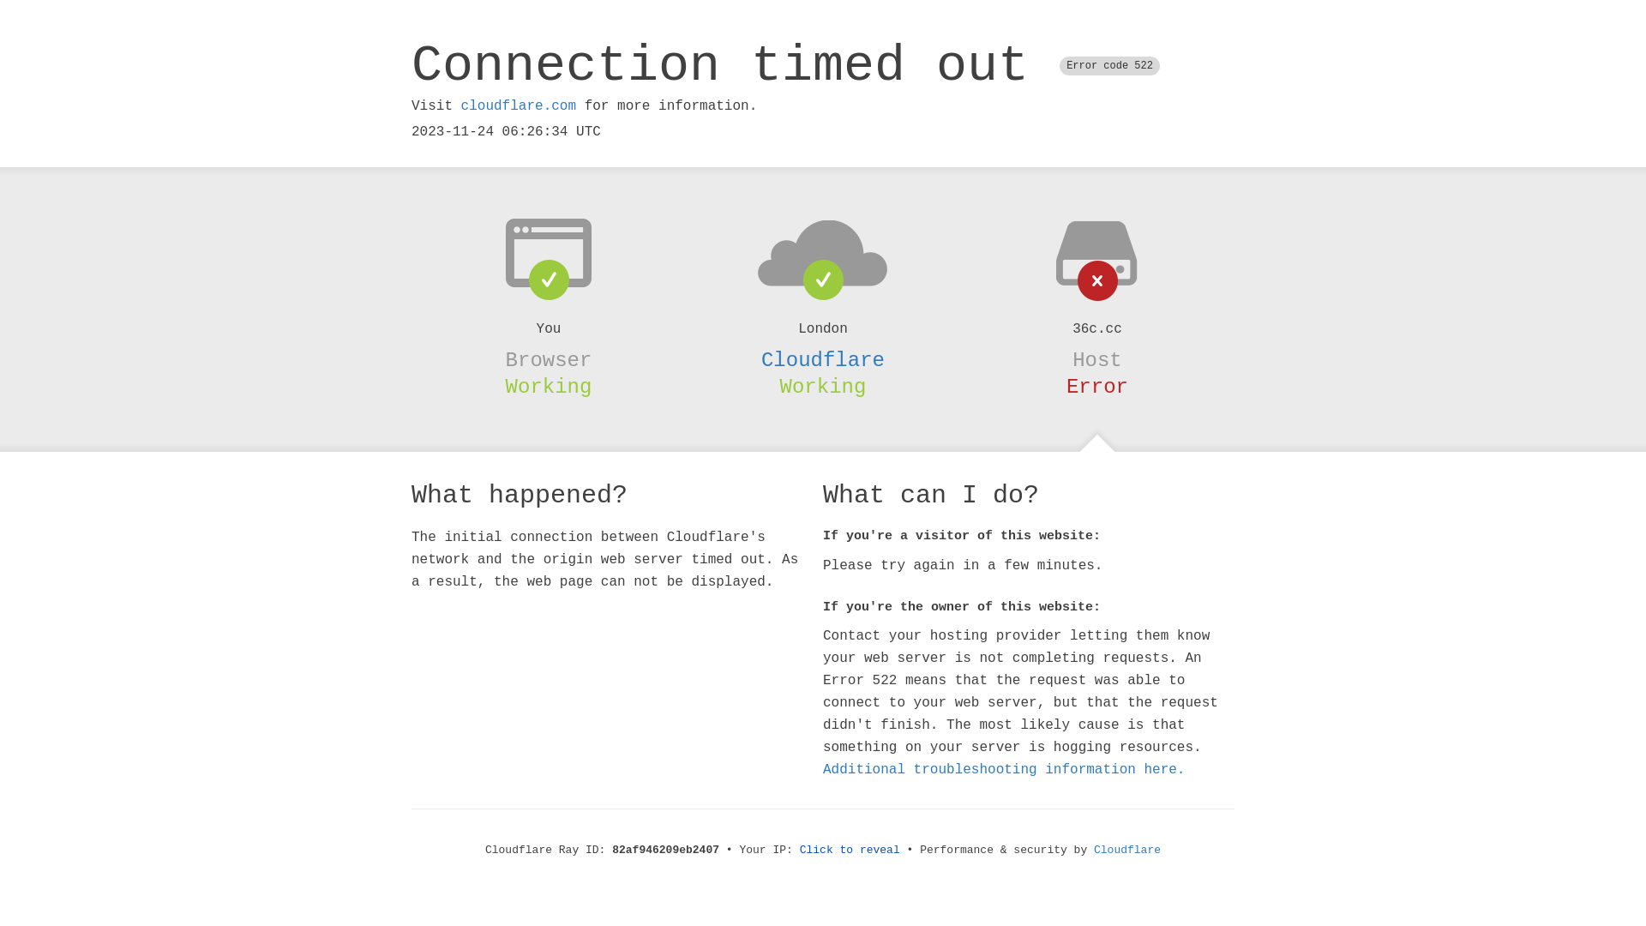 Image resolution: width=1646 pixels, height=926 pixels. What do you see at coordinates (517, 105) in the screenshot?
I see `'cloudflare.com'` at bounding box center [517, 105].